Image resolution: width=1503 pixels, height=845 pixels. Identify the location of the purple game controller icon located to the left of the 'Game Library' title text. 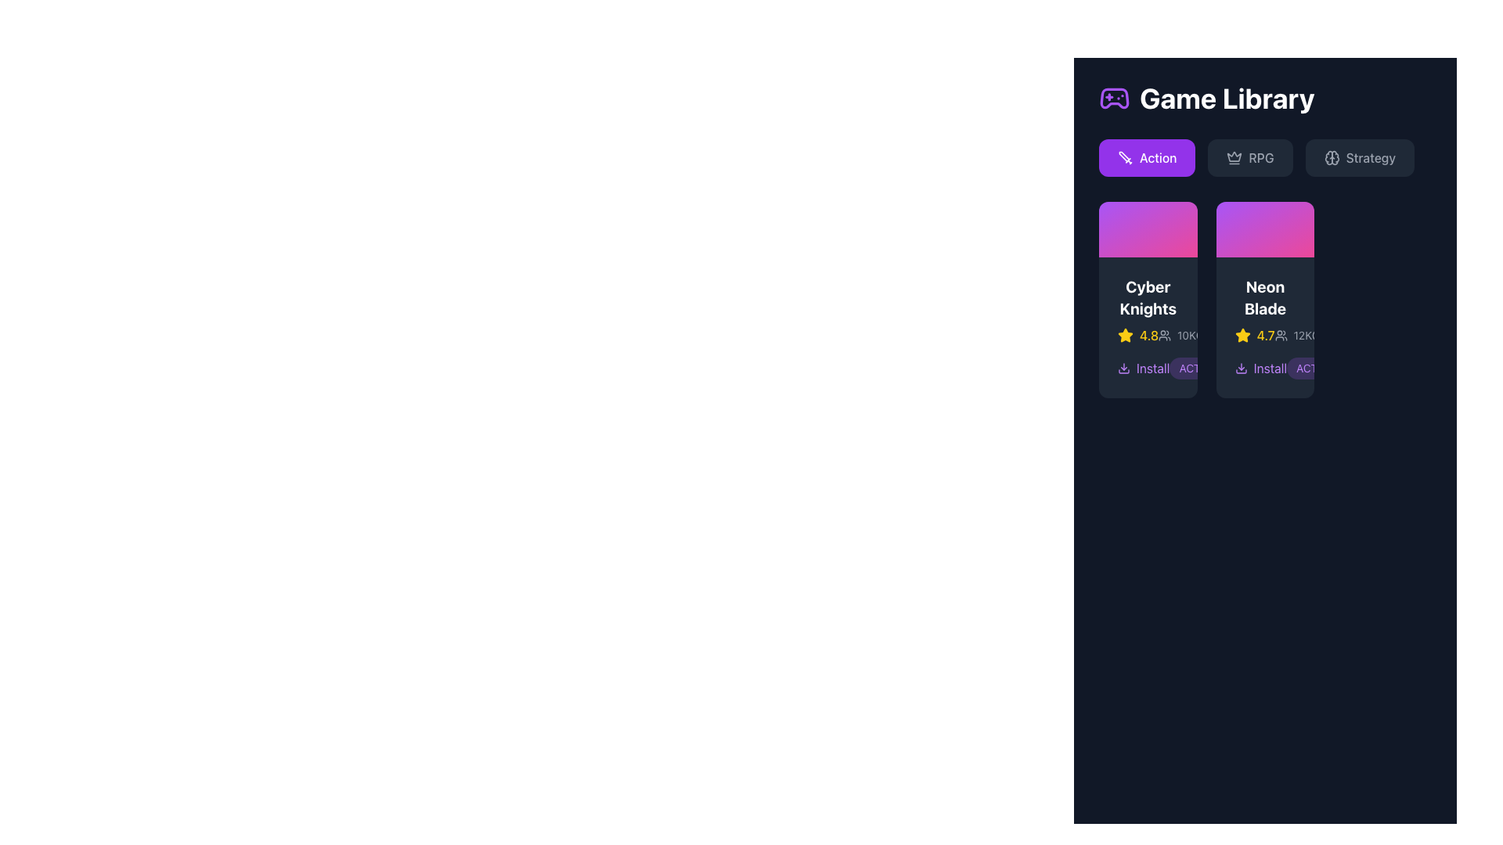
(1114, 99).